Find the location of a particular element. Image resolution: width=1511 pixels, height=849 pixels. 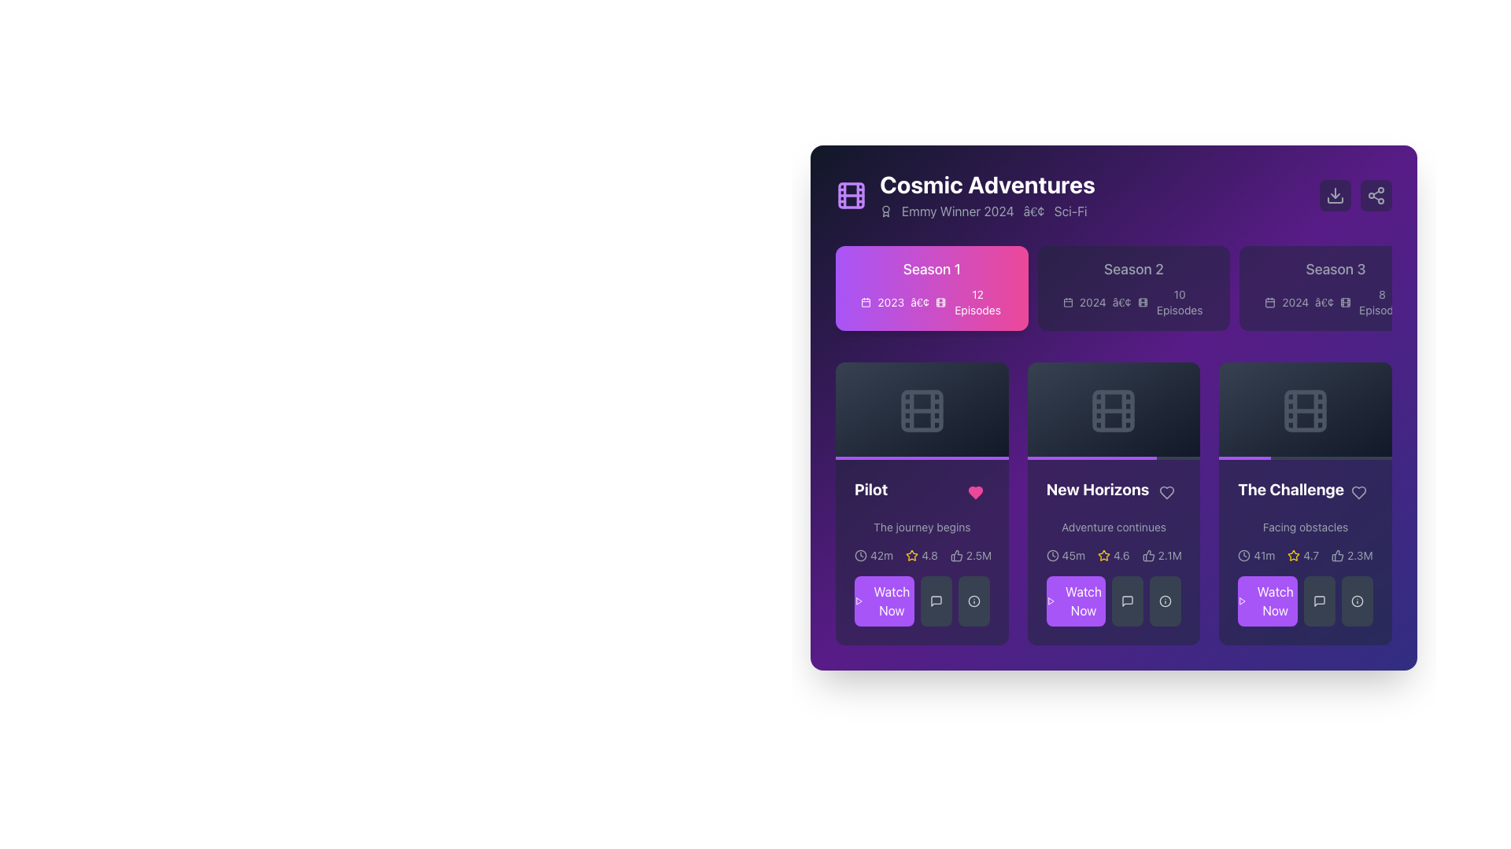

the calendar icon styled with thin lines and a light grayish hue, located to the left of the text '2024 • 8 Episodes' in the Season 3 section is located at coordinates (1270, 303).